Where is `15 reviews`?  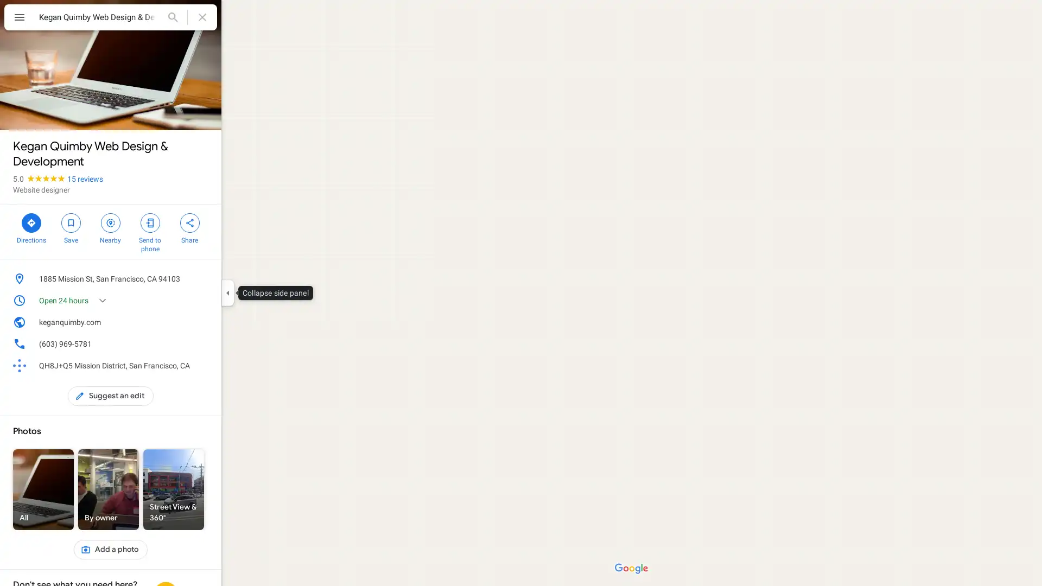
15 reviews is located at coordinates (85, 179).